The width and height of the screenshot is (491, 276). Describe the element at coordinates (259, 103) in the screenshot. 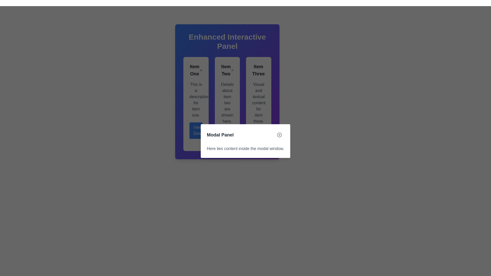

I see `the informational text block that provides descriptive content related to 'Item Three', located between the title and the 'View Details' button` at that location.